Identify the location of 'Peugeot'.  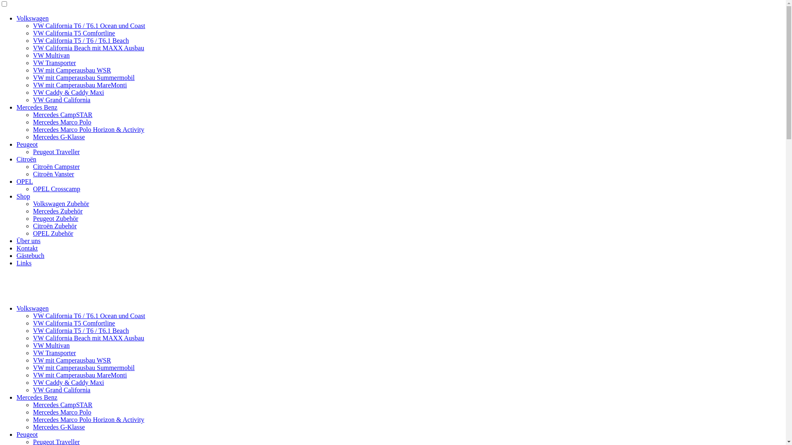
(16, 434).